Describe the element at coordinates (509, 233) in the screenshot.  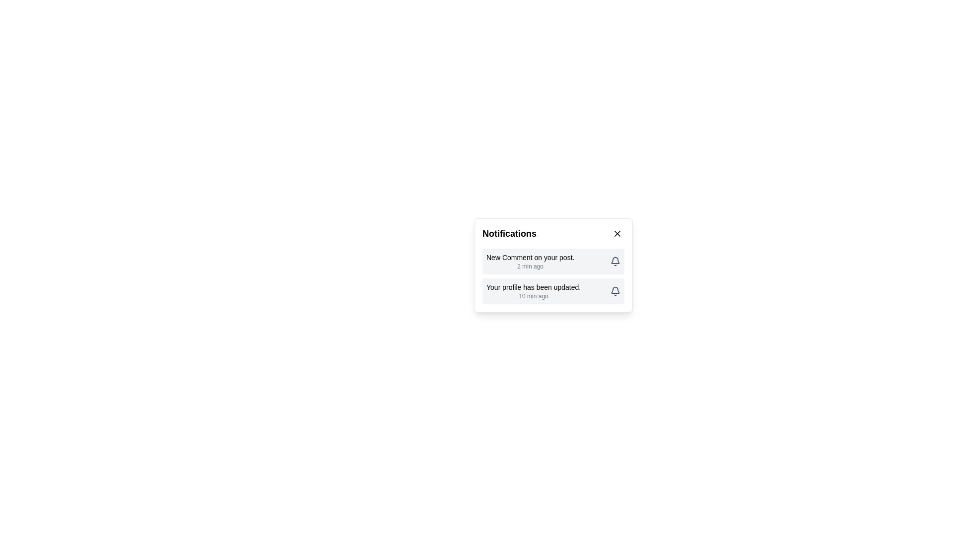
I see `the text label that serves as the header for the notification popup, located at the top-left corner of the popup` at that location.